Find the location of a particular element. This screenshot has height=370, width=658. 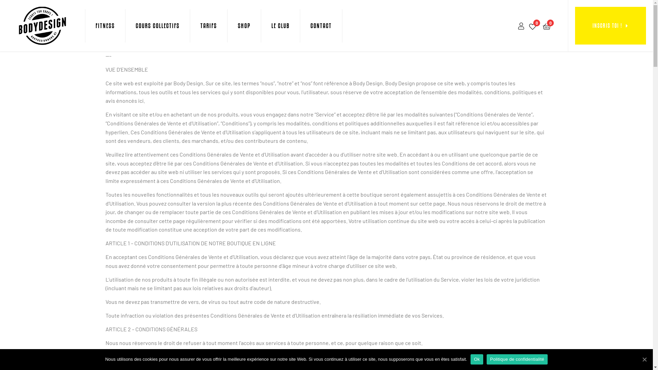

'FITNESS' is located at coordinates (85, 25).